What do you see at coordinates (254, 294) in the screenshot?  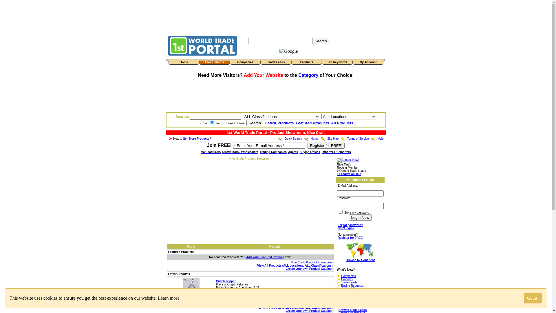 I see `'"Health & Beauty"'` at bounding box center [254, 294].